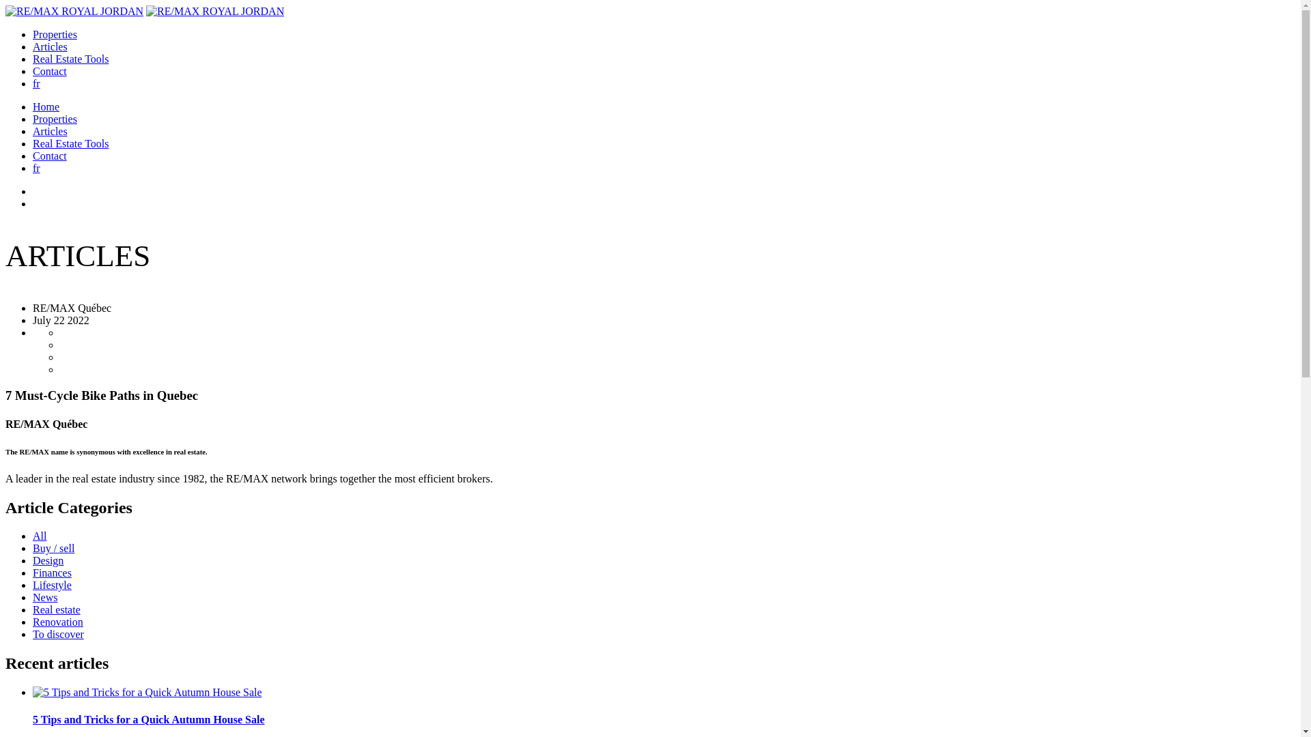 The height and width of the screenshot is (737, 1311). Describe the element at coordinates (52, 584) in the screenshot. I see `'Lifestyle'` at that location.